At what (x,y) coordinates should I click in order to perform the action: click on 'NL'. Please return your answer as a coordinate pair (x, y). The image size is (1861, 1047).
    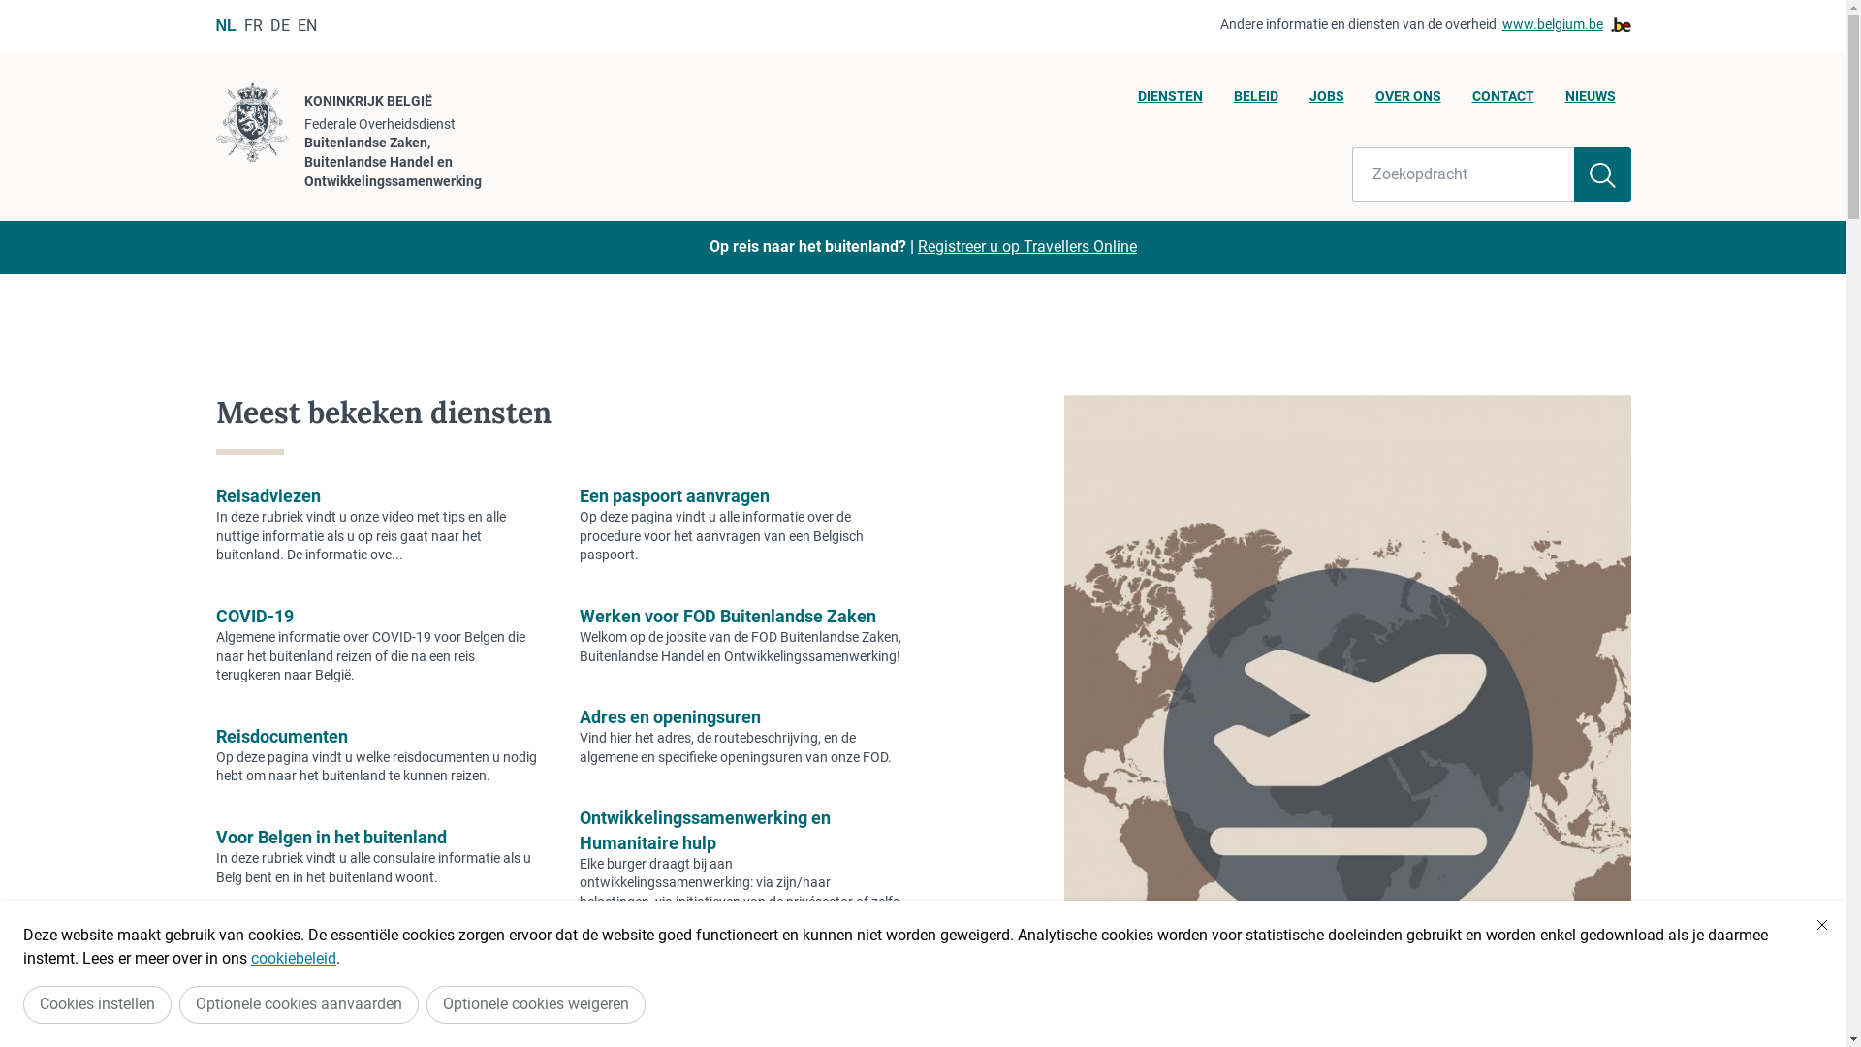
    Looking at the image, I should click on (214, 25).